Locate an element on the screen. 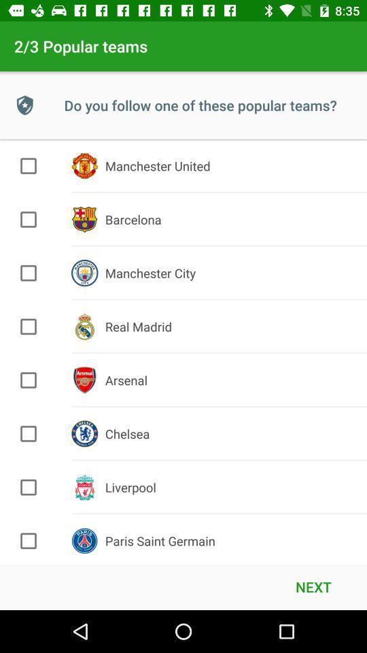  the icon to the right of paris saint germain is located at coordinates (313, 586).